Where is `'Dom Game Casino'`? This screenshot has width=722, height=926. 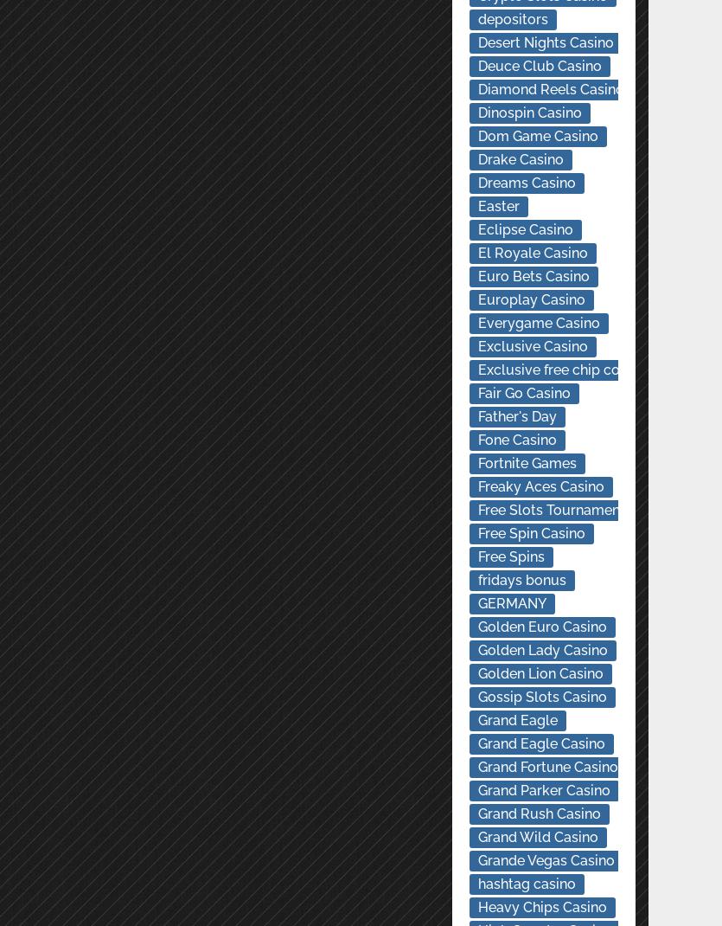
'Dom Game Casino' is located at coordinates (536, 136).